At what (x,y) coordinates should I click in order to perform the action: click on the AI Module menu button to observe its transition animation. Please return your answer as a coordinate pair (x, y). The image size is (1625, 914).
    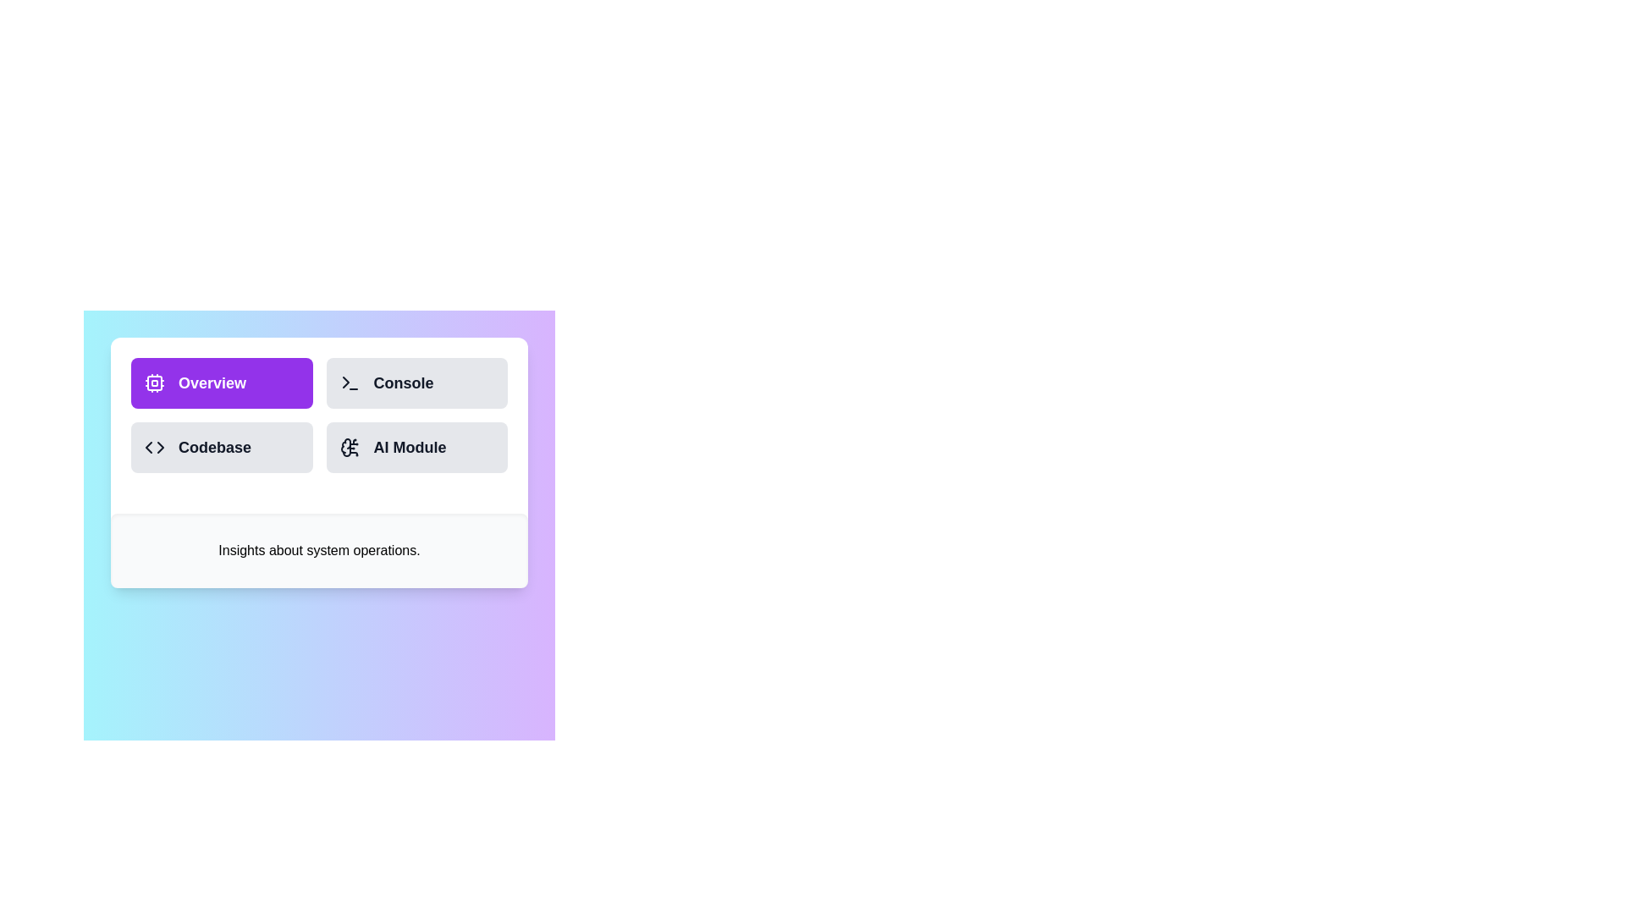
    Looking at the image, I should click on (416, 446).